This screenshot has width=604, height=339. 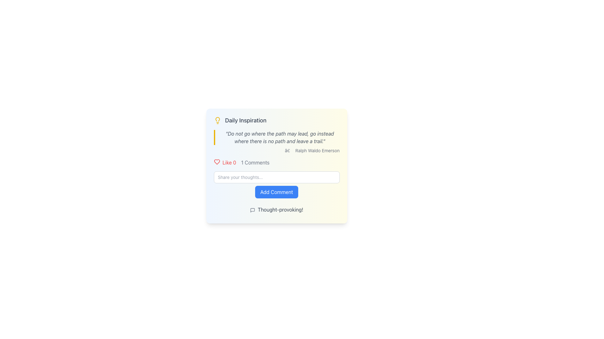 What do you see at coordinates (225, 162) in the screenshot?
I see `the 'Like 0' button represented by a red heart icon to like or unlike the content` at bounding box center [225, 162].